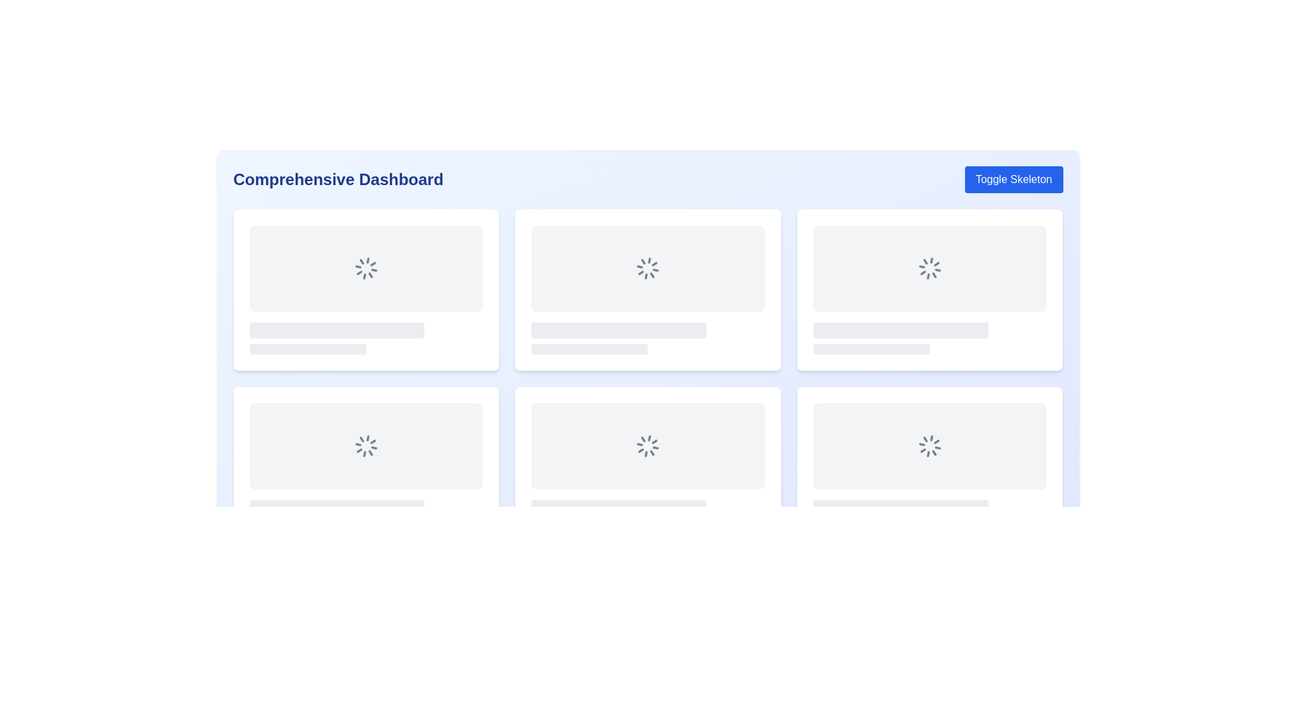 This screenshot has height=727, width=1293. I want to click on the loading indicator, which is a spinner animation indicating ongoing activity, located in the second column of the top row of a grid layout, so click(648, 268).